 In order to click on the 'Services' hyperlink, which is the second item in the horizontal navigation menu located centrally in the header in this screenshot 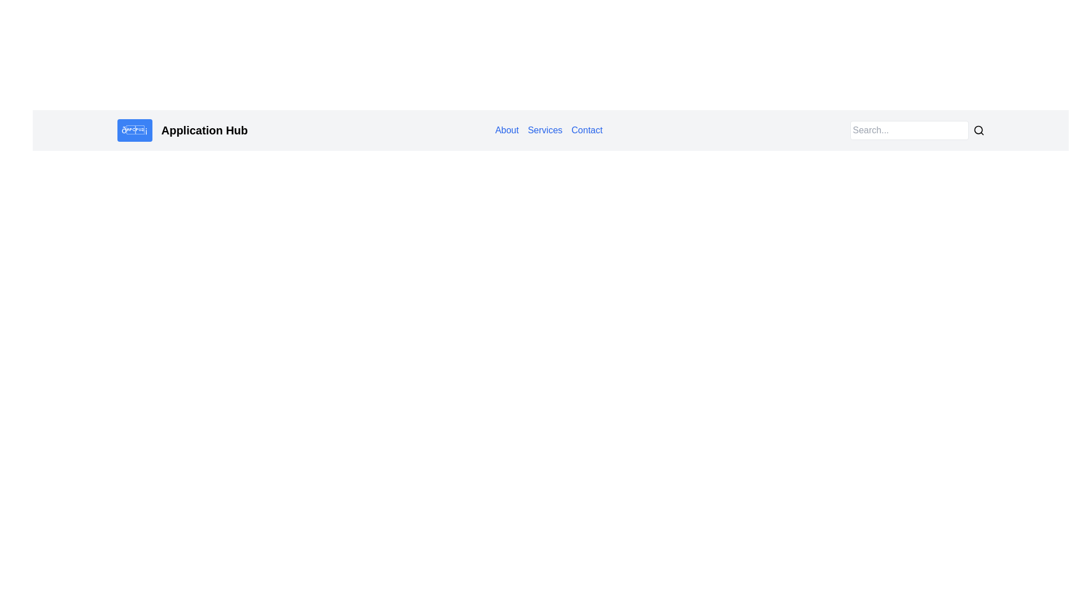, I will do `click(545, 130)`.